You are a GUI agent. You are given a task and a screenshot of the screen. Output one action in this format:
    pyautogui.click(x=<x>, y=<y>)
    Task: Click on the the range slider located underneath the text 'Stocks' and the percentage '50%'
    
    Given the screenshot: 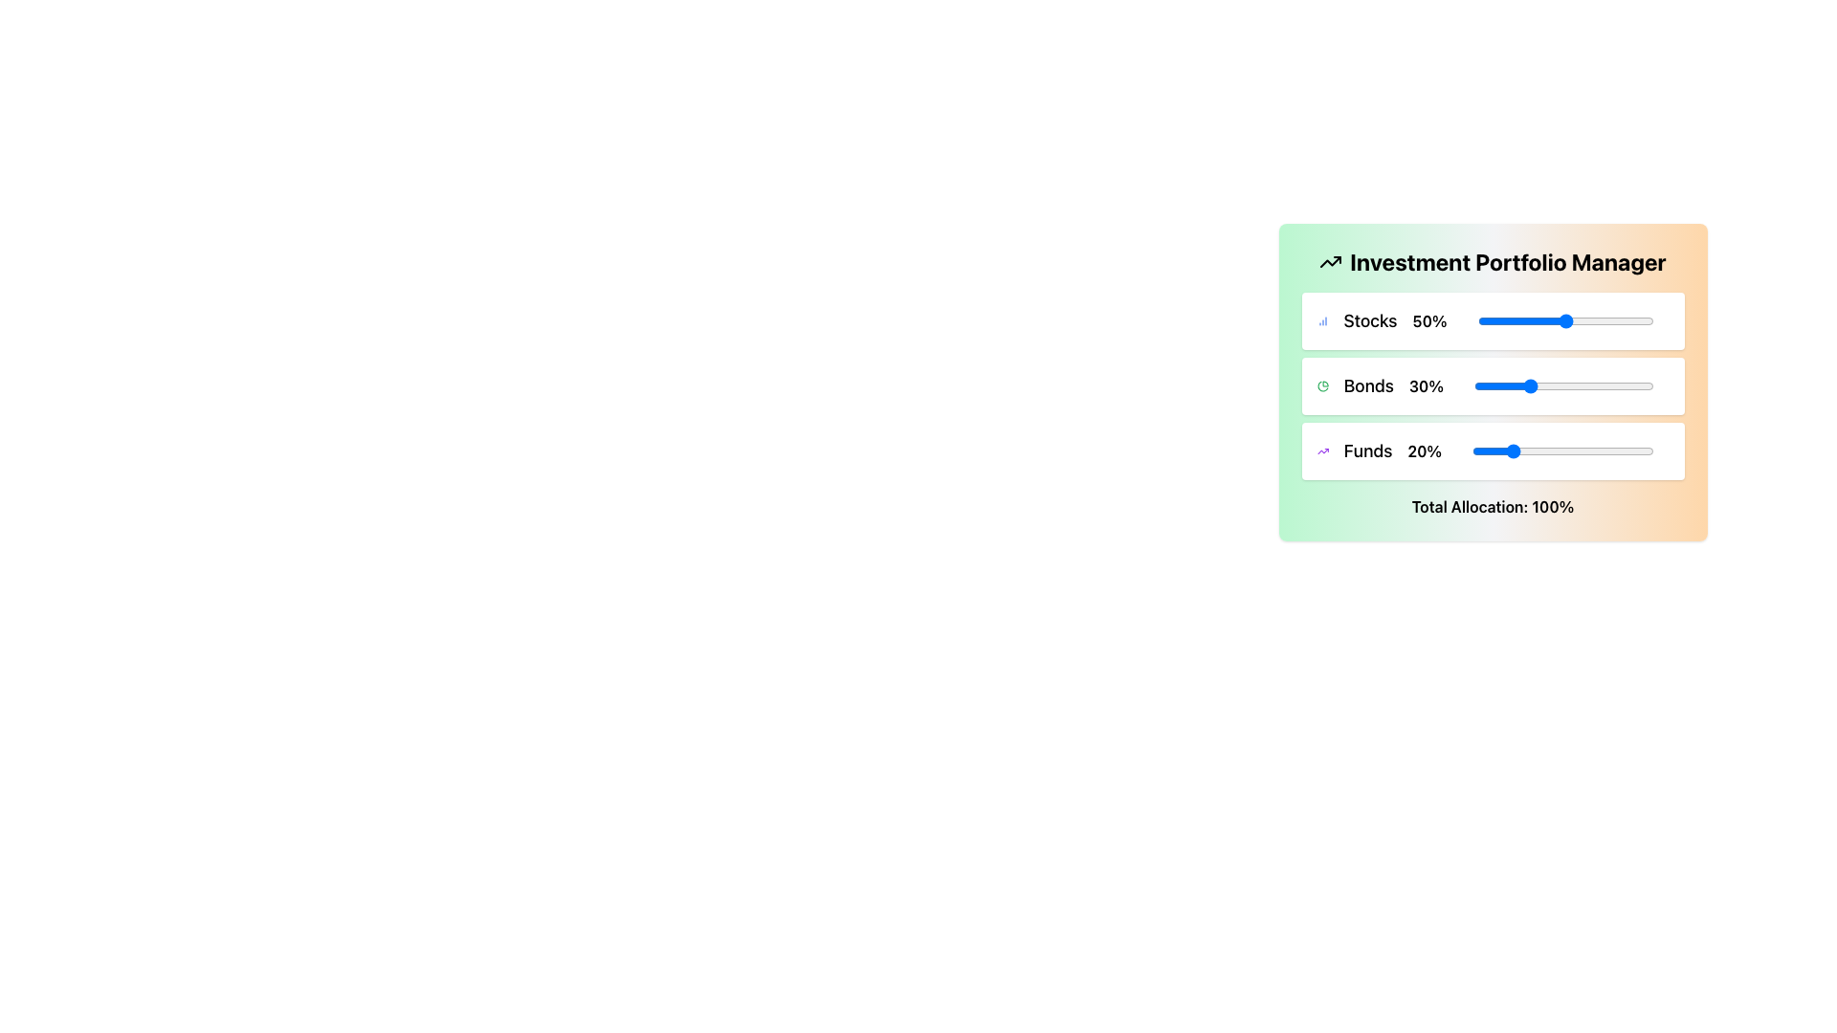 What is the action you would take?
    pyautogui.click(x=1565, y=319)
    